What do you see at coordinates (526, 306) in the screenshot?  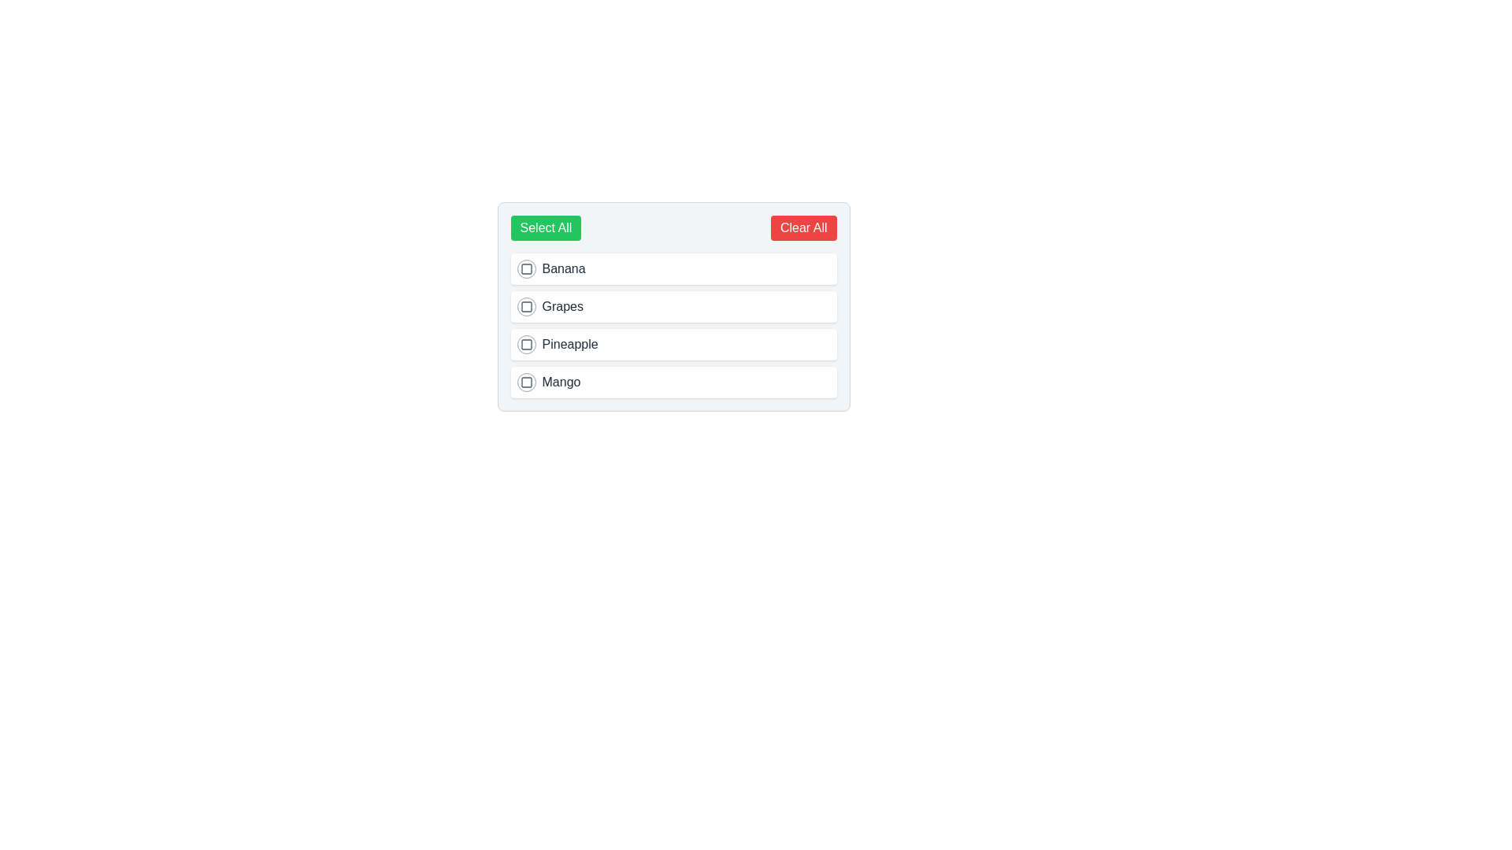 I see `the checkbox associated with the item 'Grapes'` at bounding box center [526, 306].